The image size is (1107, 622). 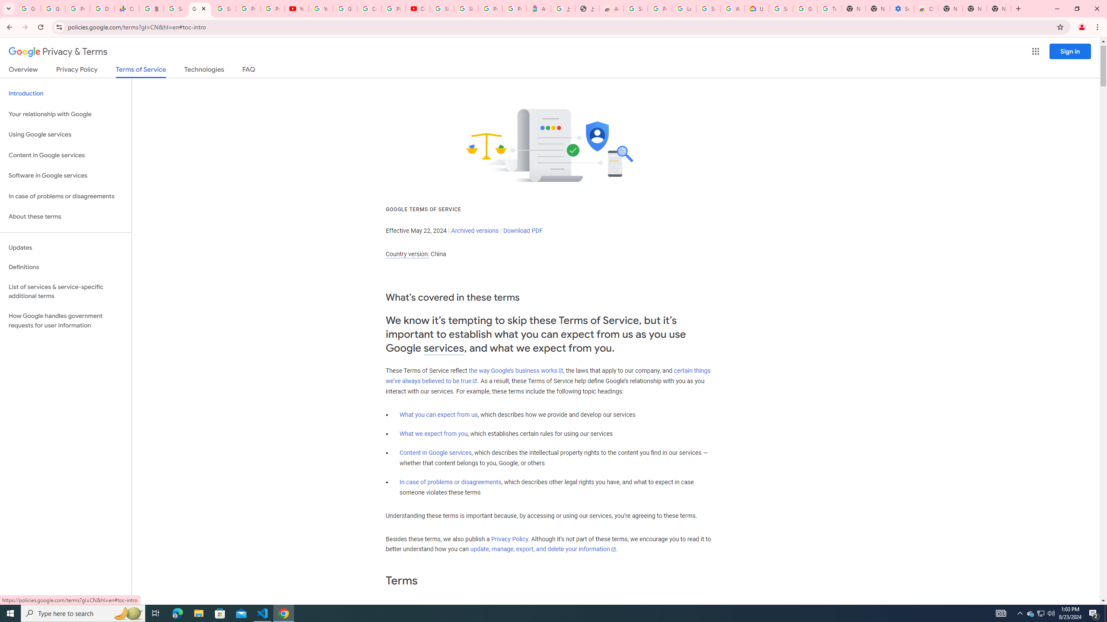 What do you see at coordinates (65, 114) in the screenshot?
I see `'Your relationship with Google'` at bounding box center [65, 114].